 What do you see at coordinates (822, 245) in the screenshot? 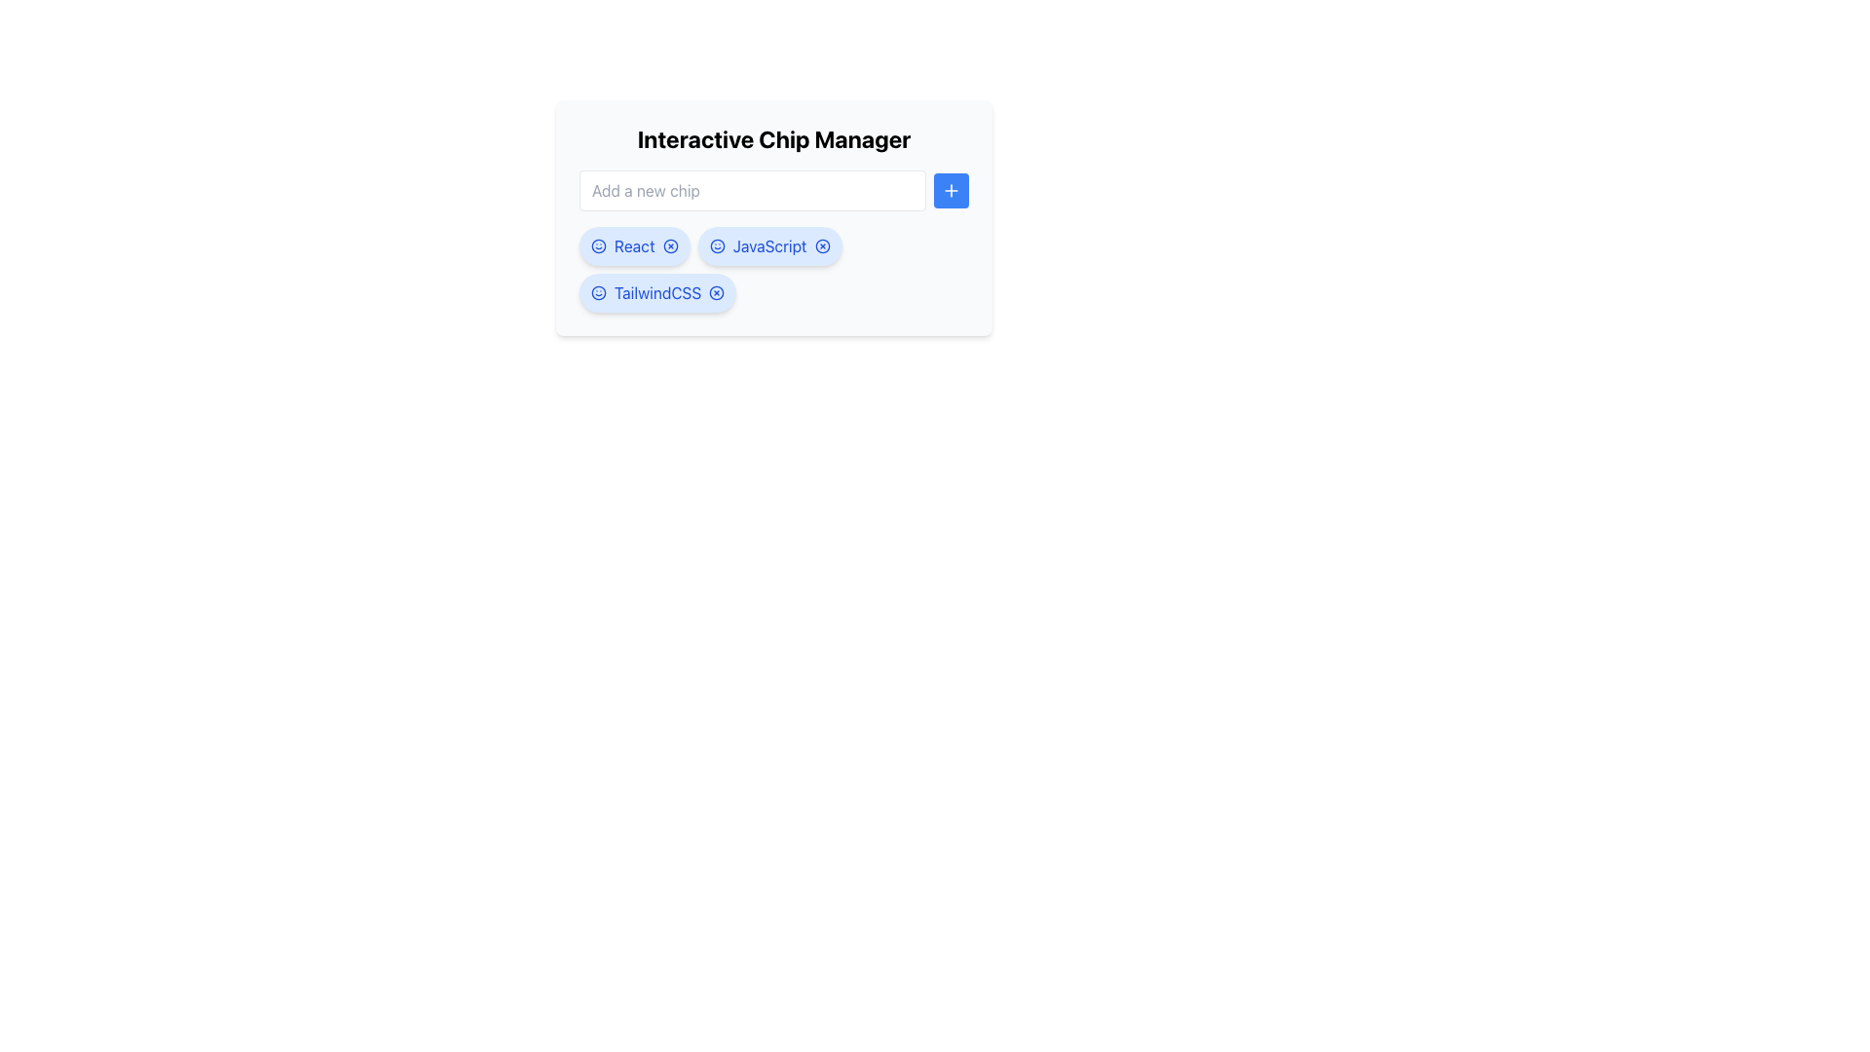
I see `the SVG graphical circle that serves as the background for the close/remove button of the 'JavaScript' chip, located at the right end of the chip` at bounding box center [822, 245].